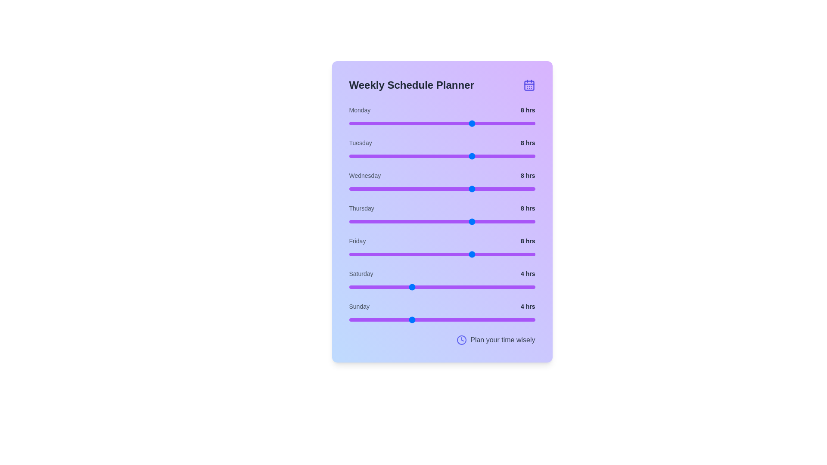  I want to click on the calendar icon in the header to trigger navigation or additional actions, so click(529, 85).